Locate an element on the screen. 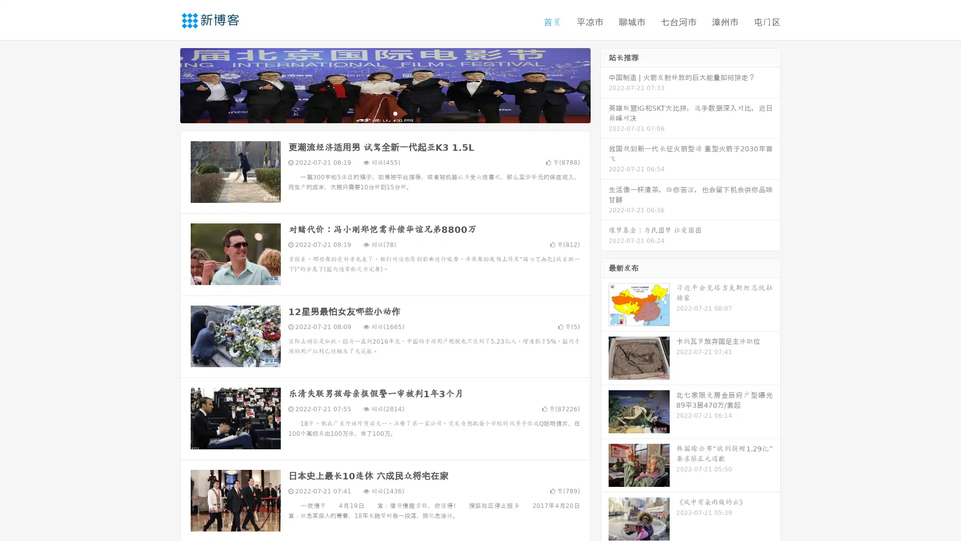  Go to slide 2 is located at coordinates (384, 113).